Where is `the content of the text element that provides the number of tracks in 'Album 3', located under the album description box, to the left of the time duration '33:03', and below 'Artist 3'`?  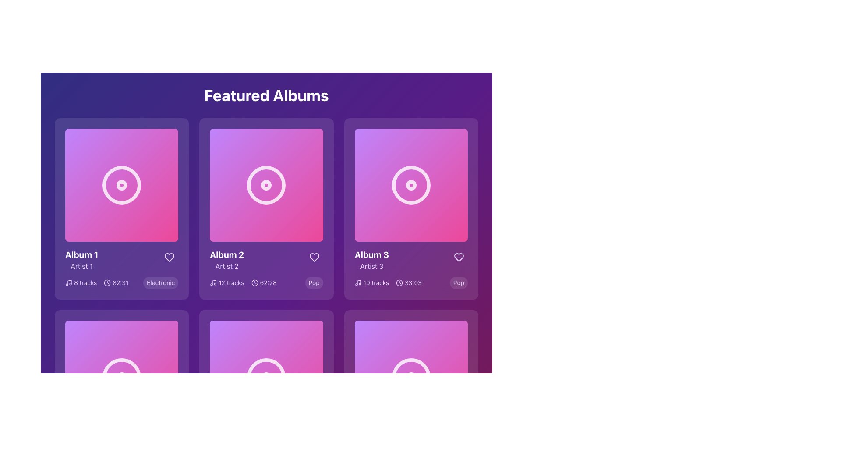
the content of the text element that provides the number of tracks in 'Album 3', located under the album description box, to the left of the time duration '33:03', and below 'Artist 3' is located at coordinates (388, 282).